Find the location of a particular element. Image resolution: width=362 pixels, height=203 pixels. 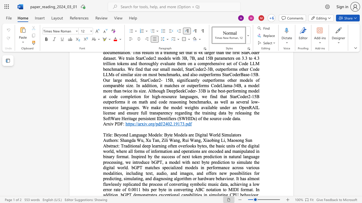

the space between the continuous character "W" and "u" in the text is located at coordinates (140, 140).